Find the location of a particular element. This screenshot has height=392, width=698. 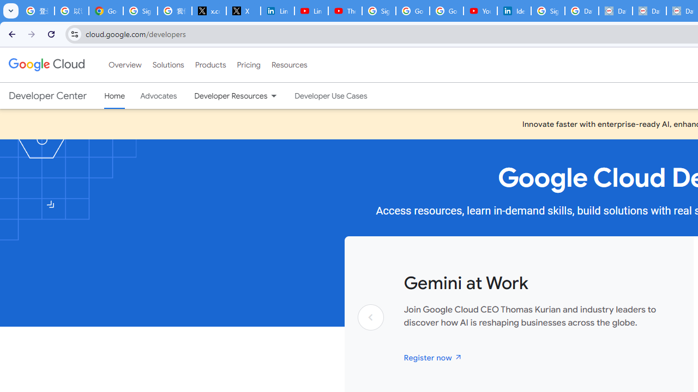

'Home, selected' is located at coordinates (115, 95).